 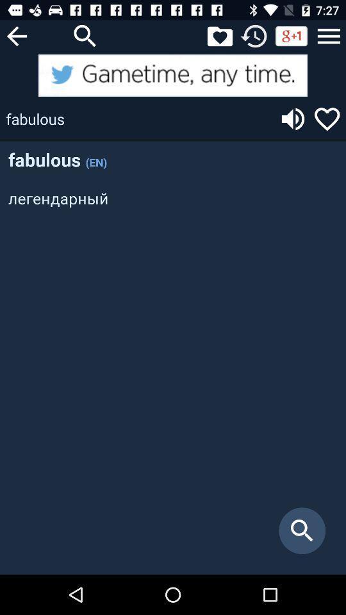 I want to click on twitter advertisement, so click(x=173, y=75).